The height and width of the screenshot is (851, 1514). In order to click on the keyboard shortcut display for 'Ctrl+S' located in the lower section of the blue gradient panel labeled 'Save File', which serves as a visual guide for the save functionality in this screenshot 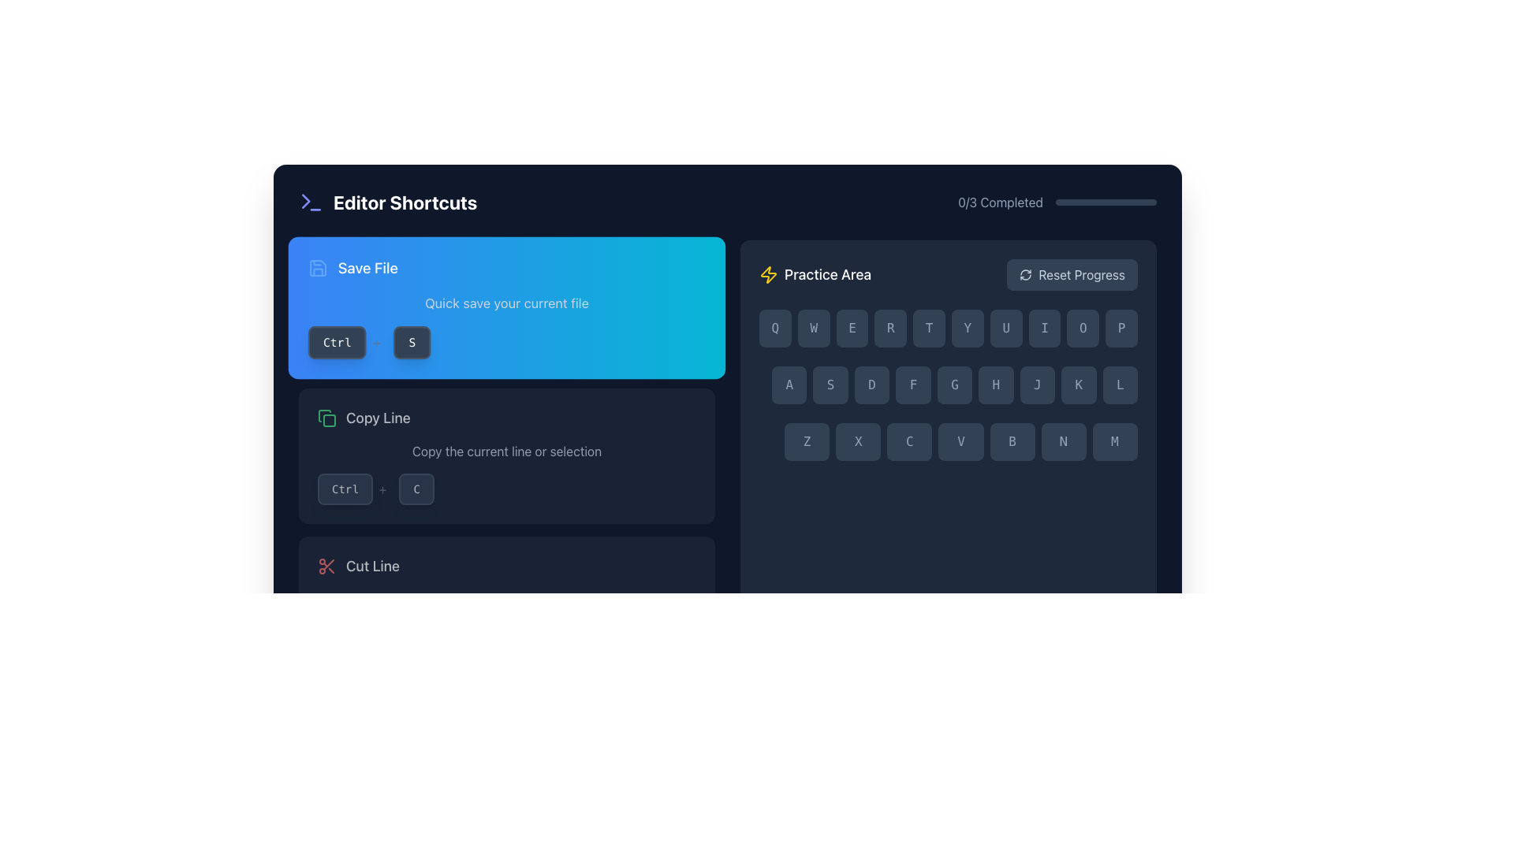, I will do `click(507, 342)`.